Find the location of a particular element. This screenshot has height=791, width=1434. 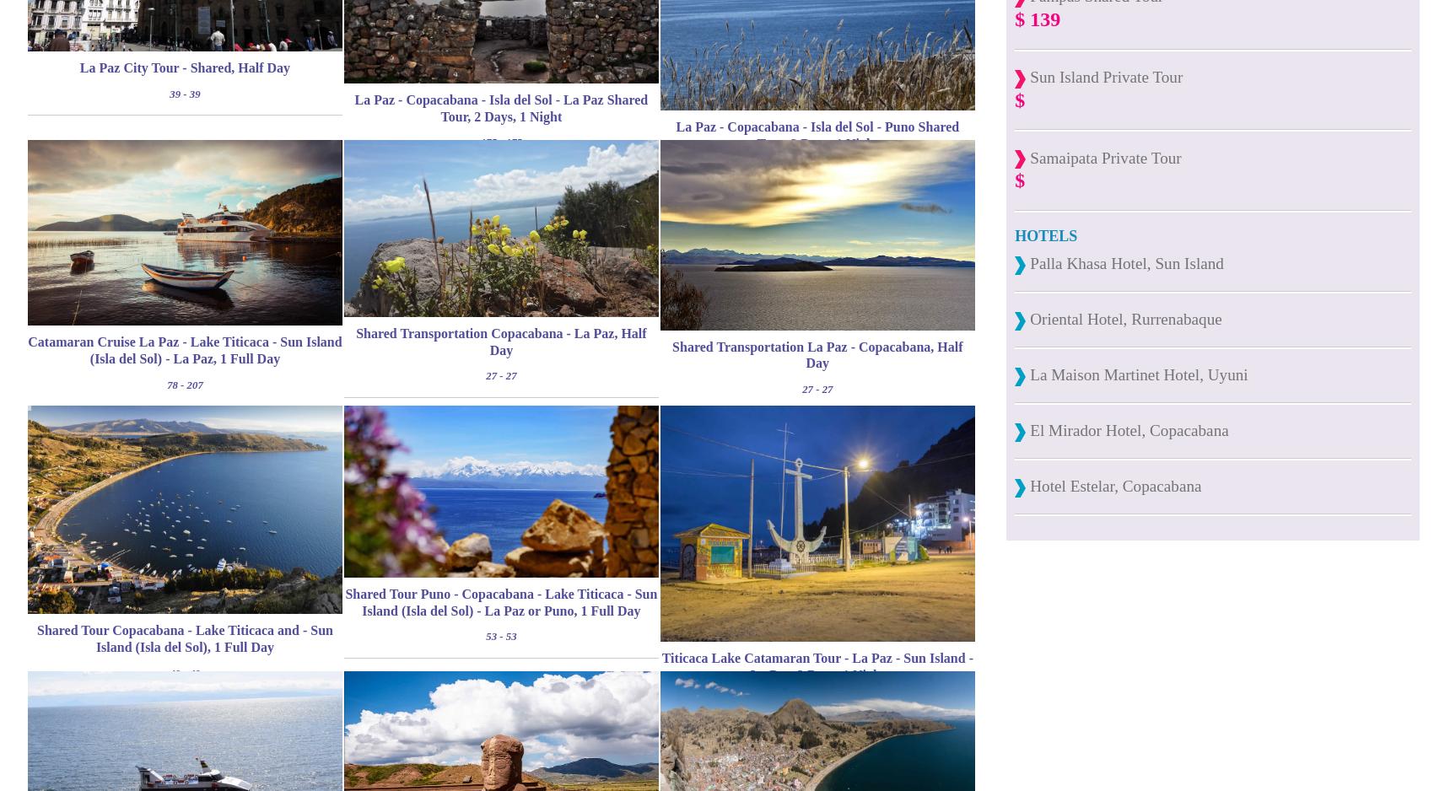

'HOTELS' is located at coordinates (1013, 235).